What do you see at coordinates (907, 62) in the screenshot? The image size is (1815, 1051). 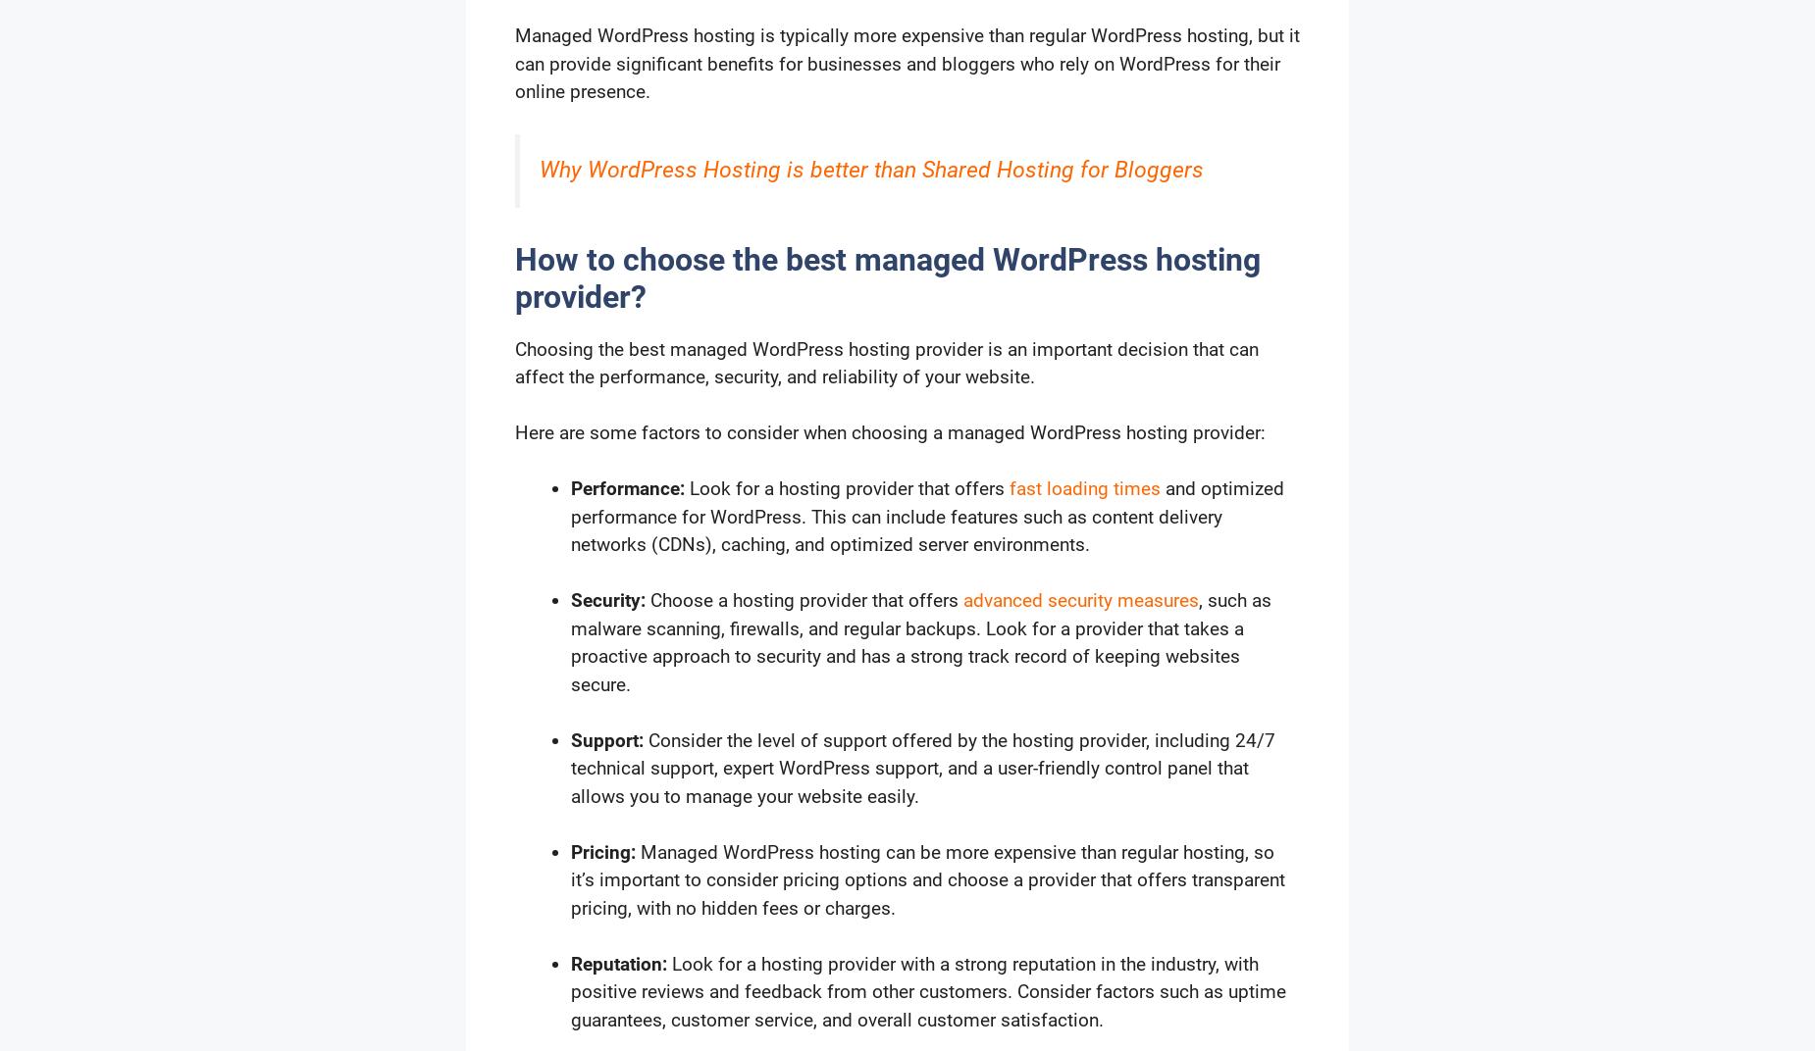 I see `'Managed WordPress hosting is typically more expensive than regular WordPress hosting, but it can provide significant benefits for businesses and bloggers who rely on WordPress for their online presence.'` at bounding box center [907, 62].